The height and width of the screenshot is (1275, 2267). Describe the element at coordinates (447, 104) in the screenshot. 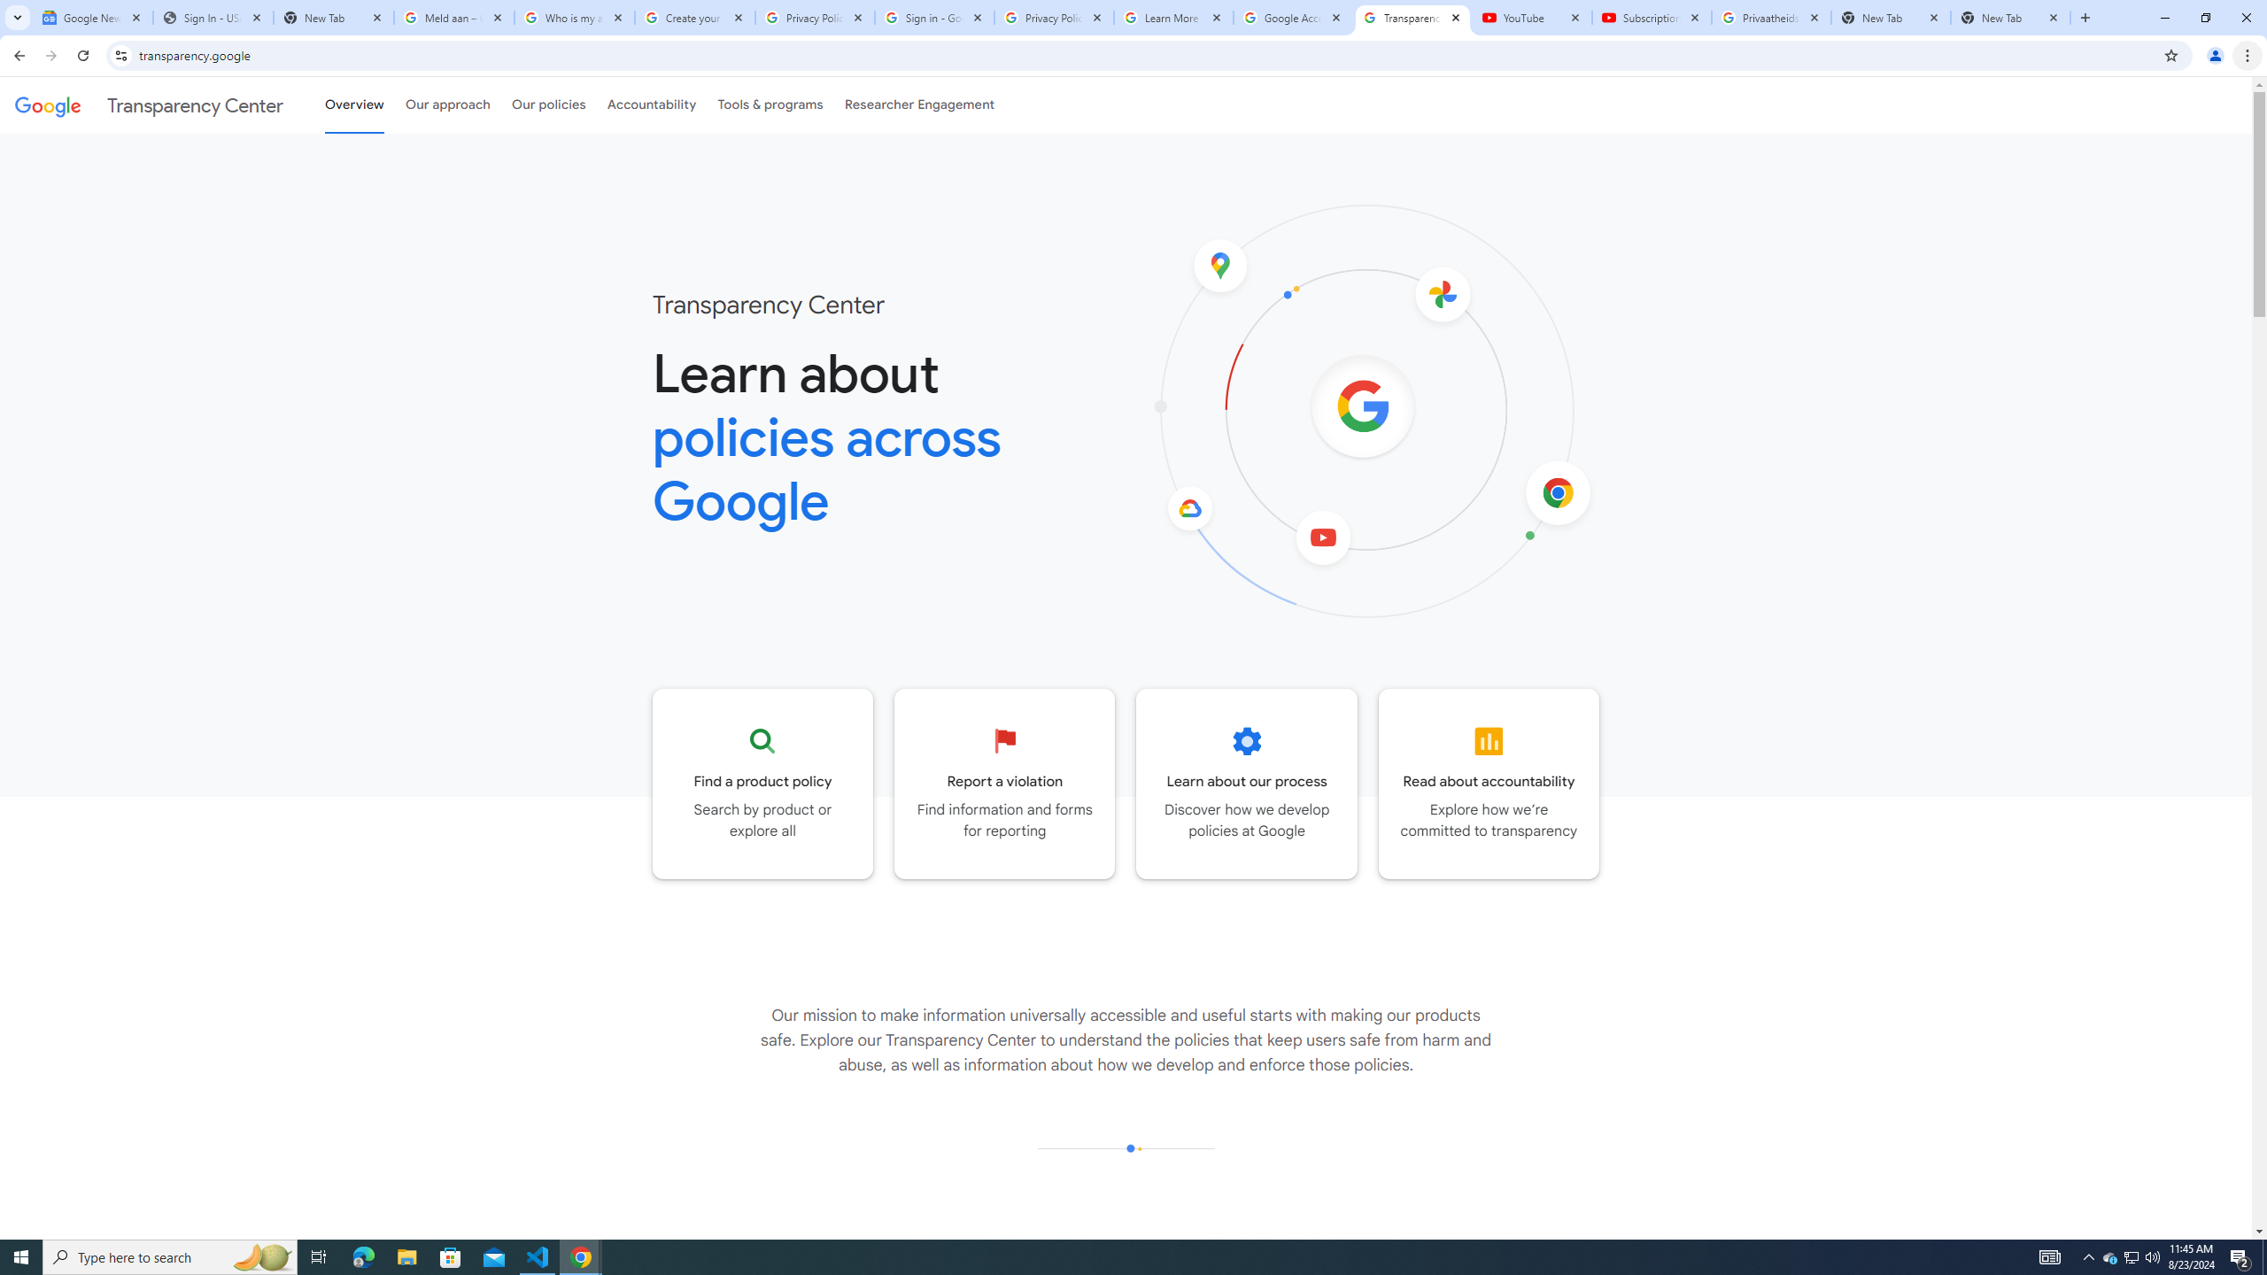

I see `'Our approach'` at that location.